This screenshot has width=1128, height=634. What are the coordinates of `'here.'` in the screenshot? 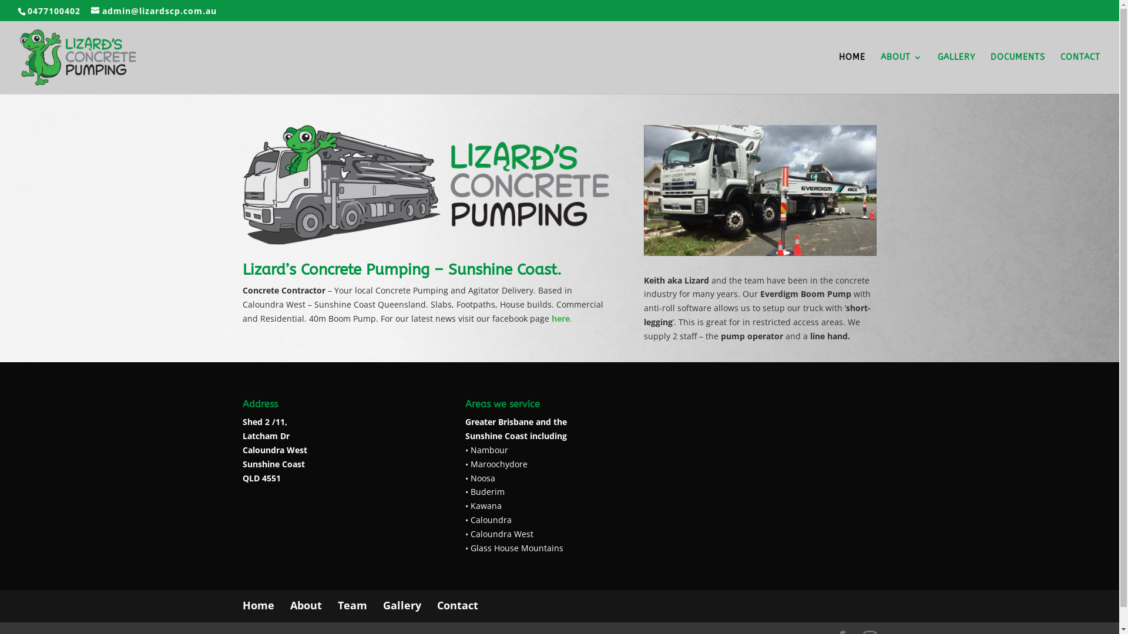 It's located at (560, 318).